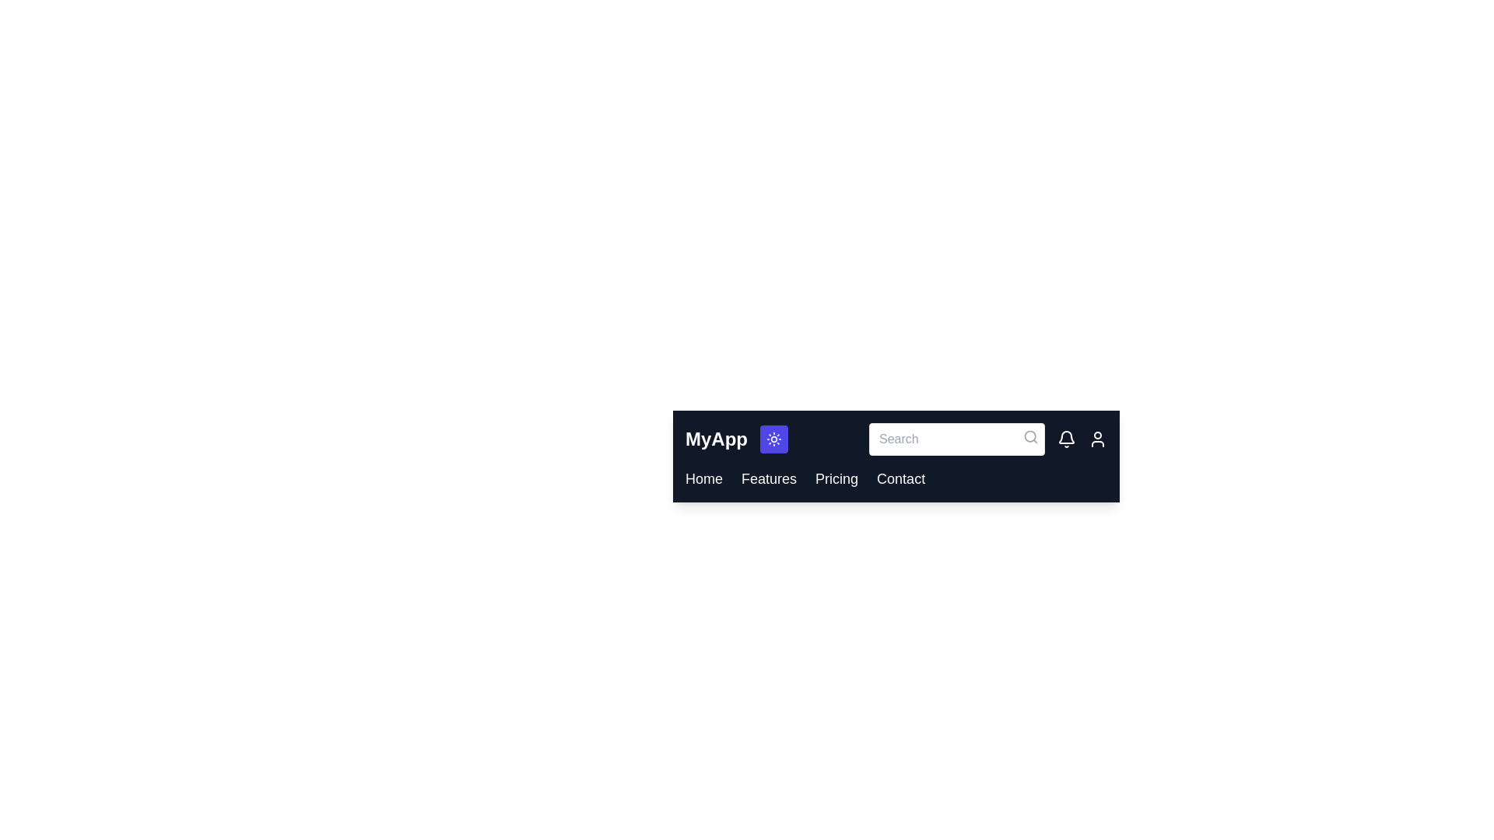  I want to click on the Features link in the navigation bar, so click(769, 478).